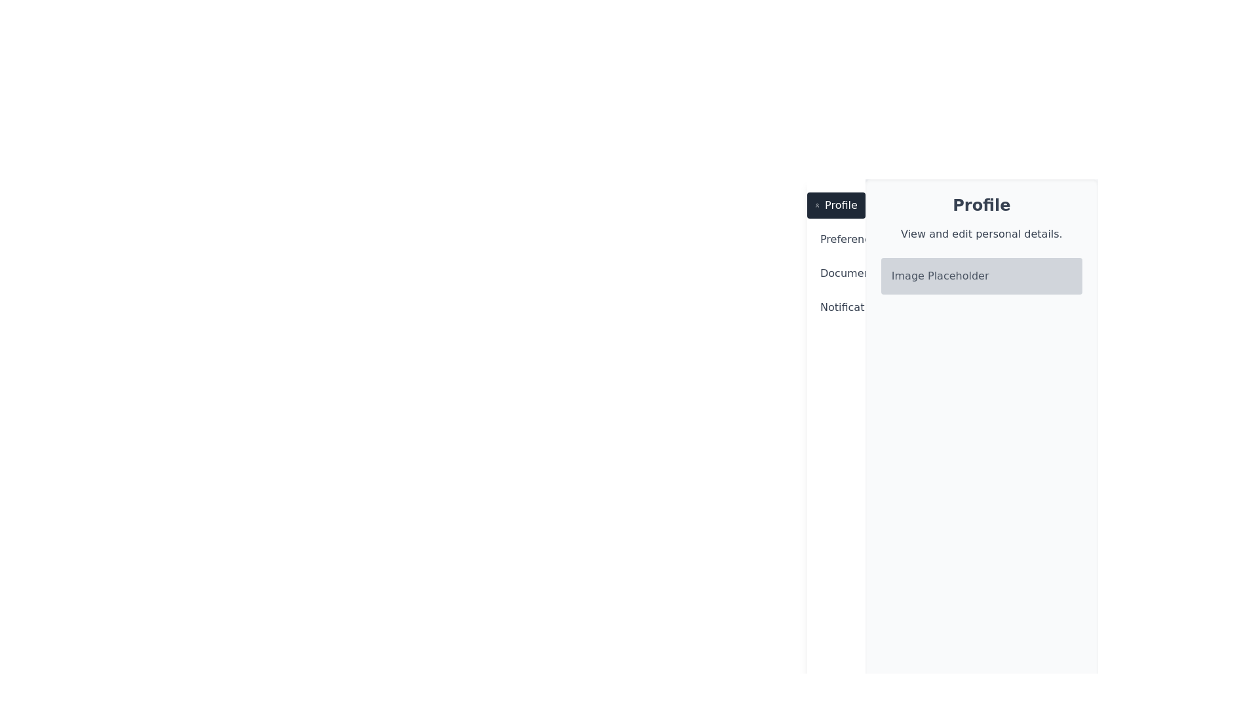  What do you see at coordinates (835, 240) in the screenshot?
I see `the sidebar tab labeled Preferences` at bounding box center [835, 240].